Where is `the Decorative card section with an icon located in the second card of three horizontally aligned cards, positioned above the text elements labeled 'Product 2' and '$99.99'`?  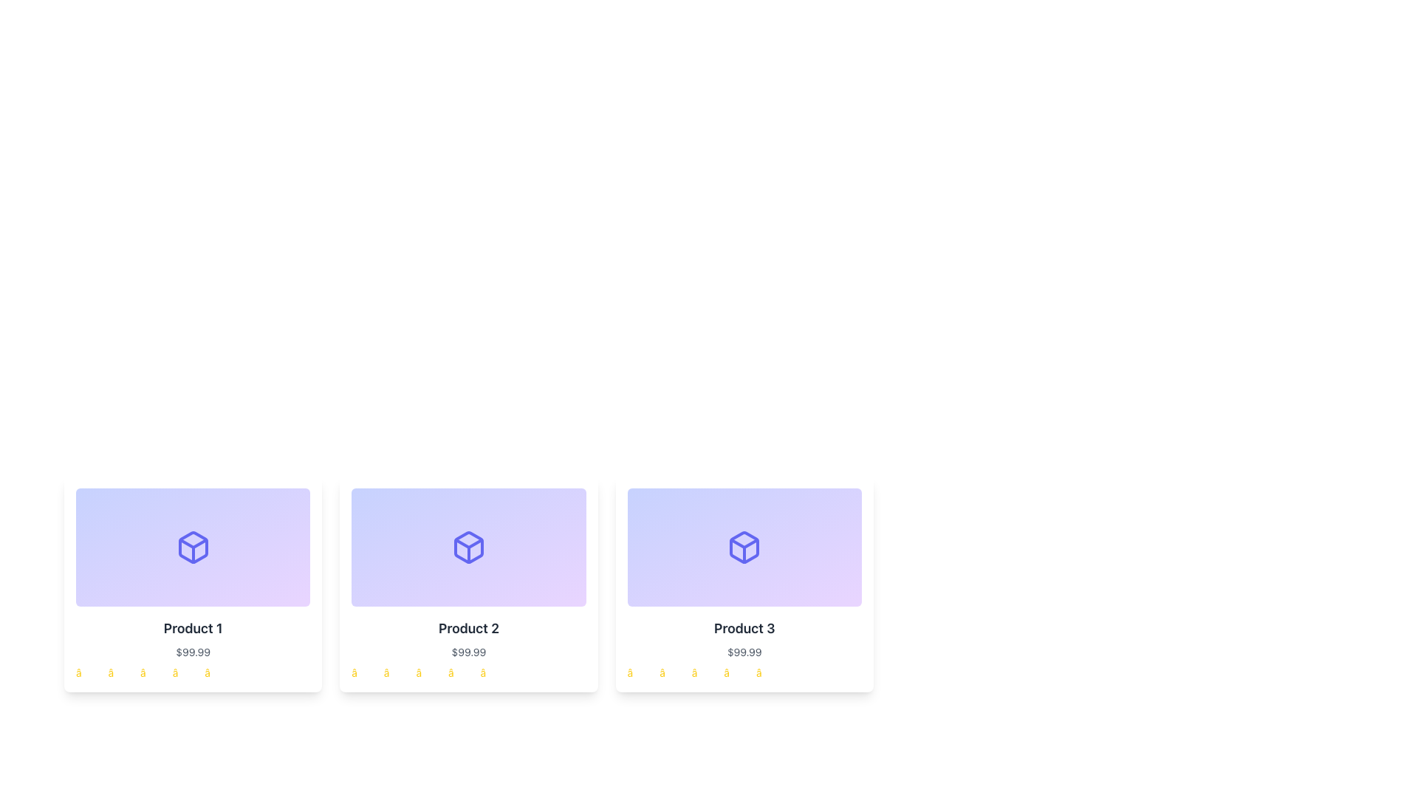
the Decorative card section with an icon located in the second card of three horizontally aligned cards, positioned above the text elements labeled 'Product 2' and '$99.99' is located at coordinates (467, 547).